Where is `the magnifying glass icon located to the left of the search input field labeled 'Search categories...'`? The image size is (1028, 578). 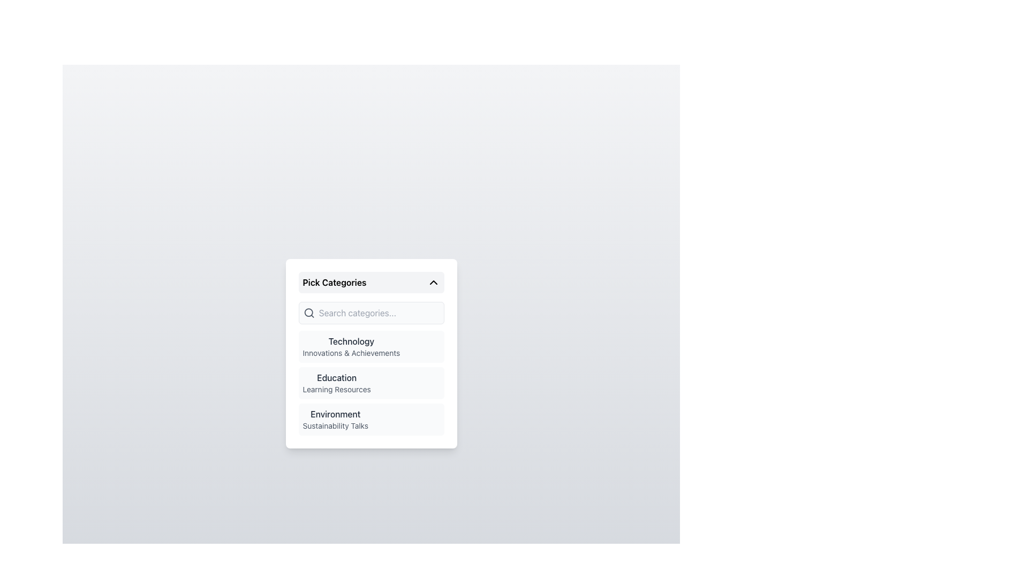 the magnifying glass icon located to the left of the search input field labeled 'Search categories...' is located at coordinates (308, 313).